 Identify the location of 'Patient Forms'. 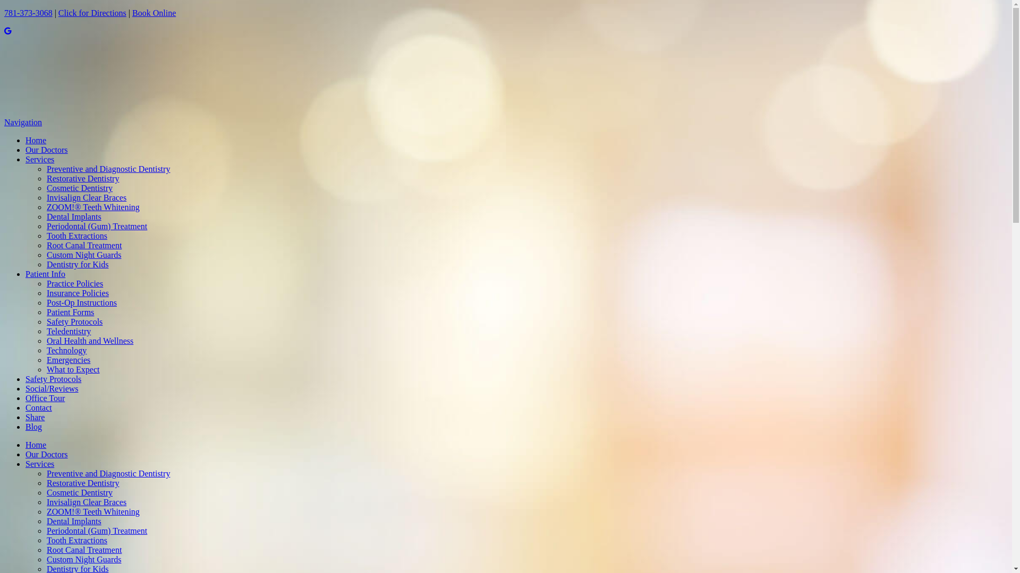
(70, 311).